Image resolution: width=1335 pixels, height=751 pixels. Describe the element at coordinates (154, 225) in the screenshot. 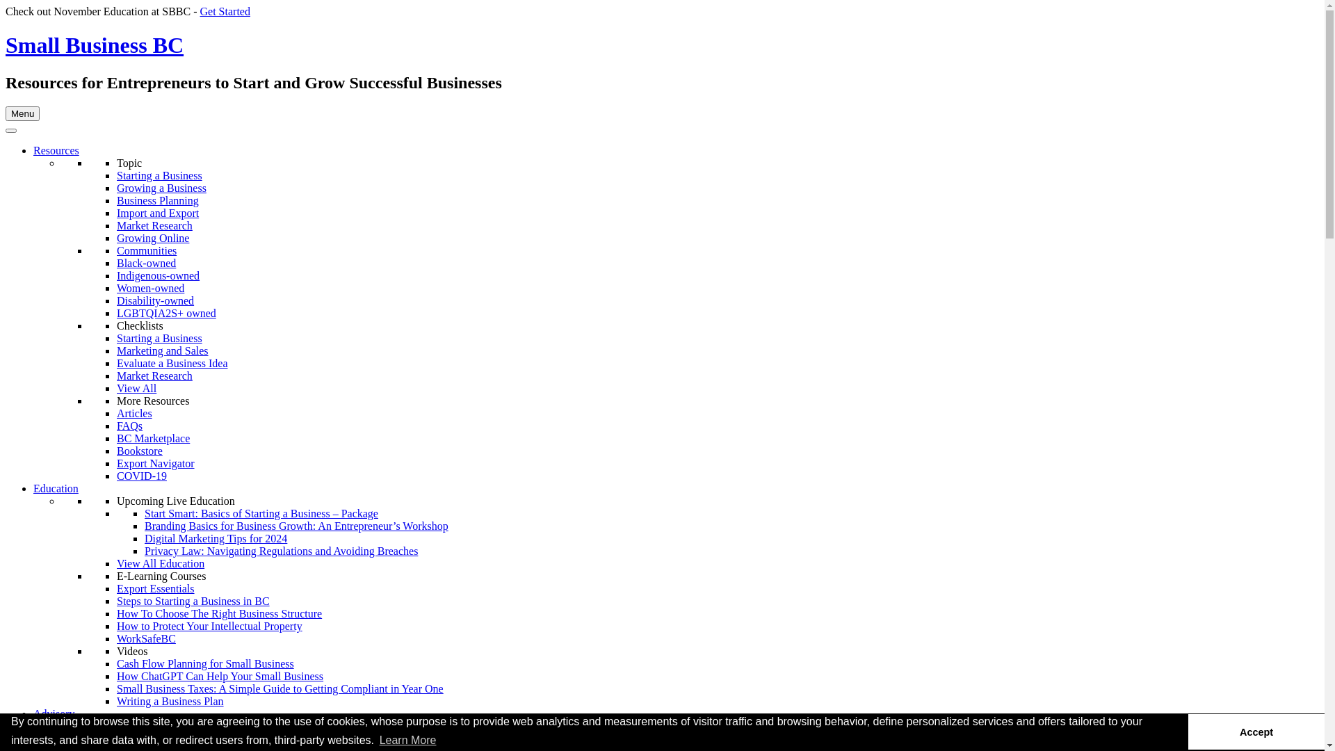

I see `'Market Research'` at that location.